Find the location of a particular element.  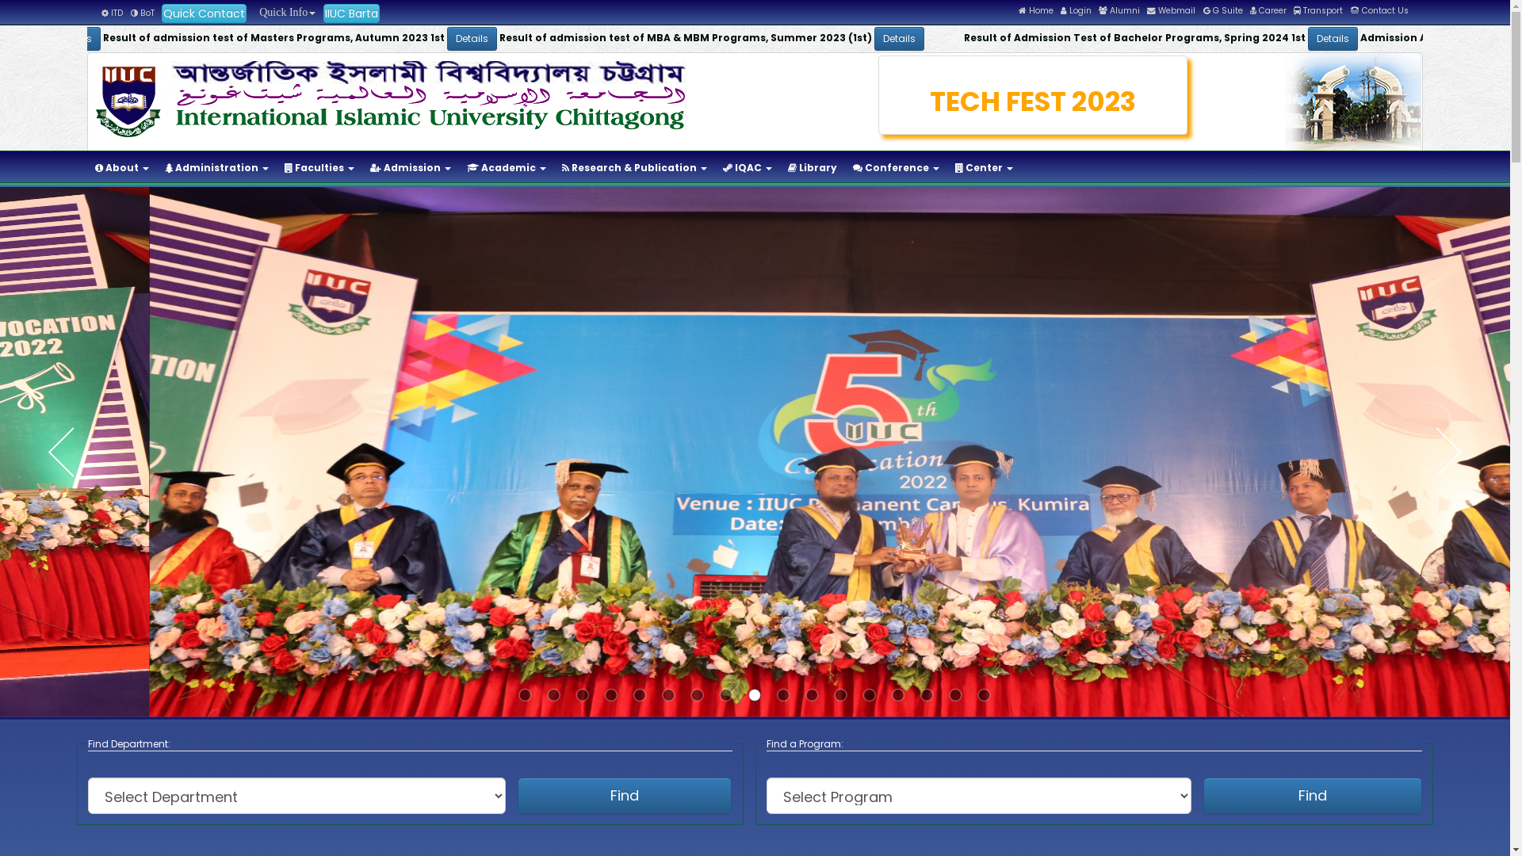

'Academic' is located at coordinates (505, 168).